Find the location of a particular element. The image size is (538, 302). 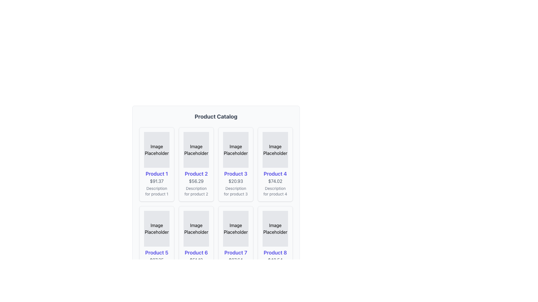

the Text Label displaying the price '$87.64' located below the product title 'Product 7' in the product card is located at coordinates (236, 260).